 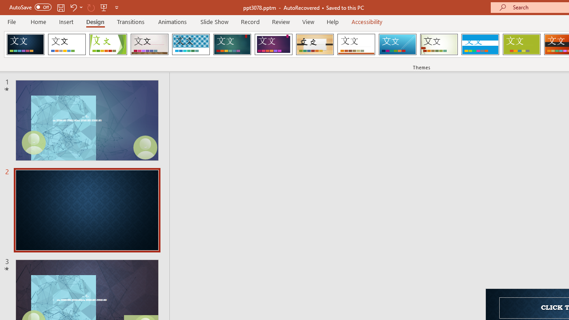 I want to click on 'Basis', so click(x=521, y=44).